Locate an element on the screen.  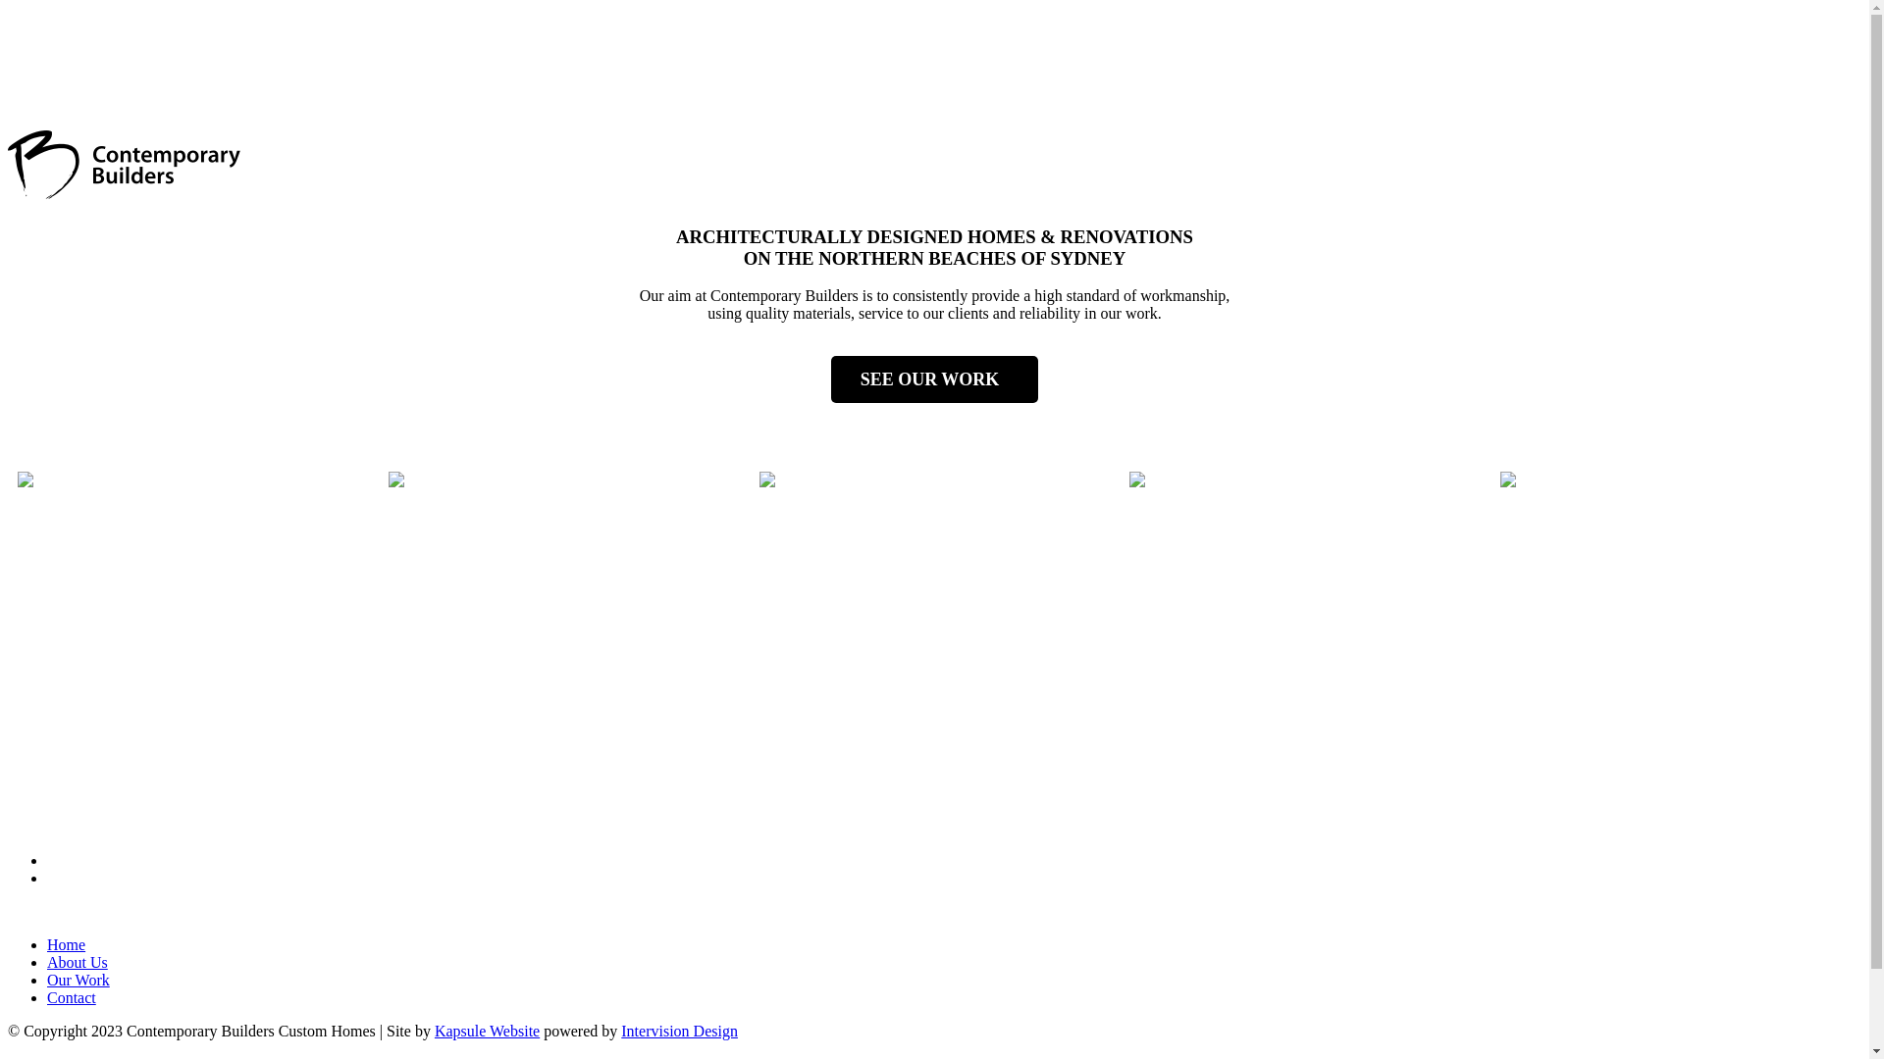
'SEE OUR WORK' is located at coordinates (934, 378).